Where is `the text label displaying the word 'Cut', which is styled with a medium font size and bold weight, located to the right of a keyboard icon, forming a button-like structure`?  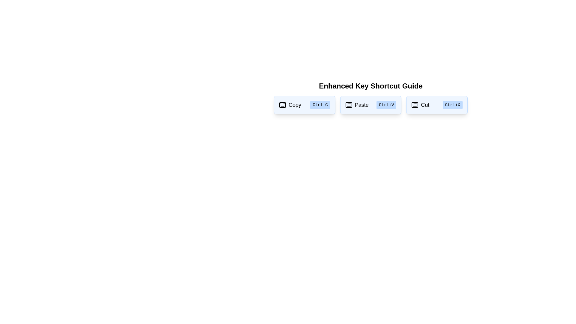
the text label displaying the word 'Cut', which is styled with a medium font size and bold weight, located to the right of a keyboard icon, forming a button-like structure is located at coordinates (425, 105).